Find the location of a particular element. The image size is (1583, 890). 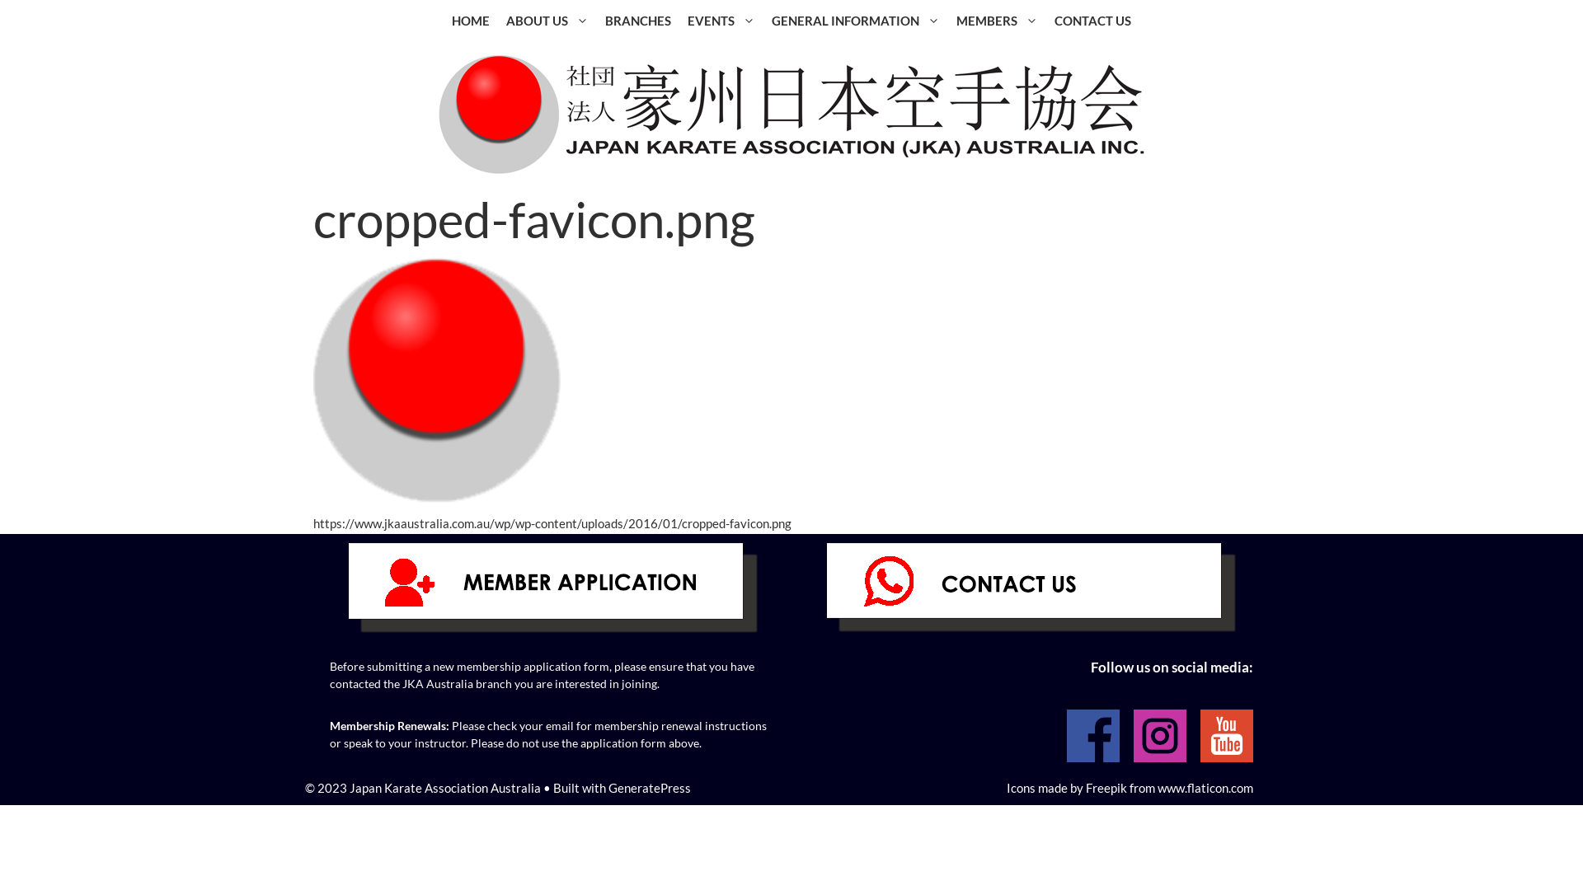

'ABOUT US' is located at coordinates (547, 20).